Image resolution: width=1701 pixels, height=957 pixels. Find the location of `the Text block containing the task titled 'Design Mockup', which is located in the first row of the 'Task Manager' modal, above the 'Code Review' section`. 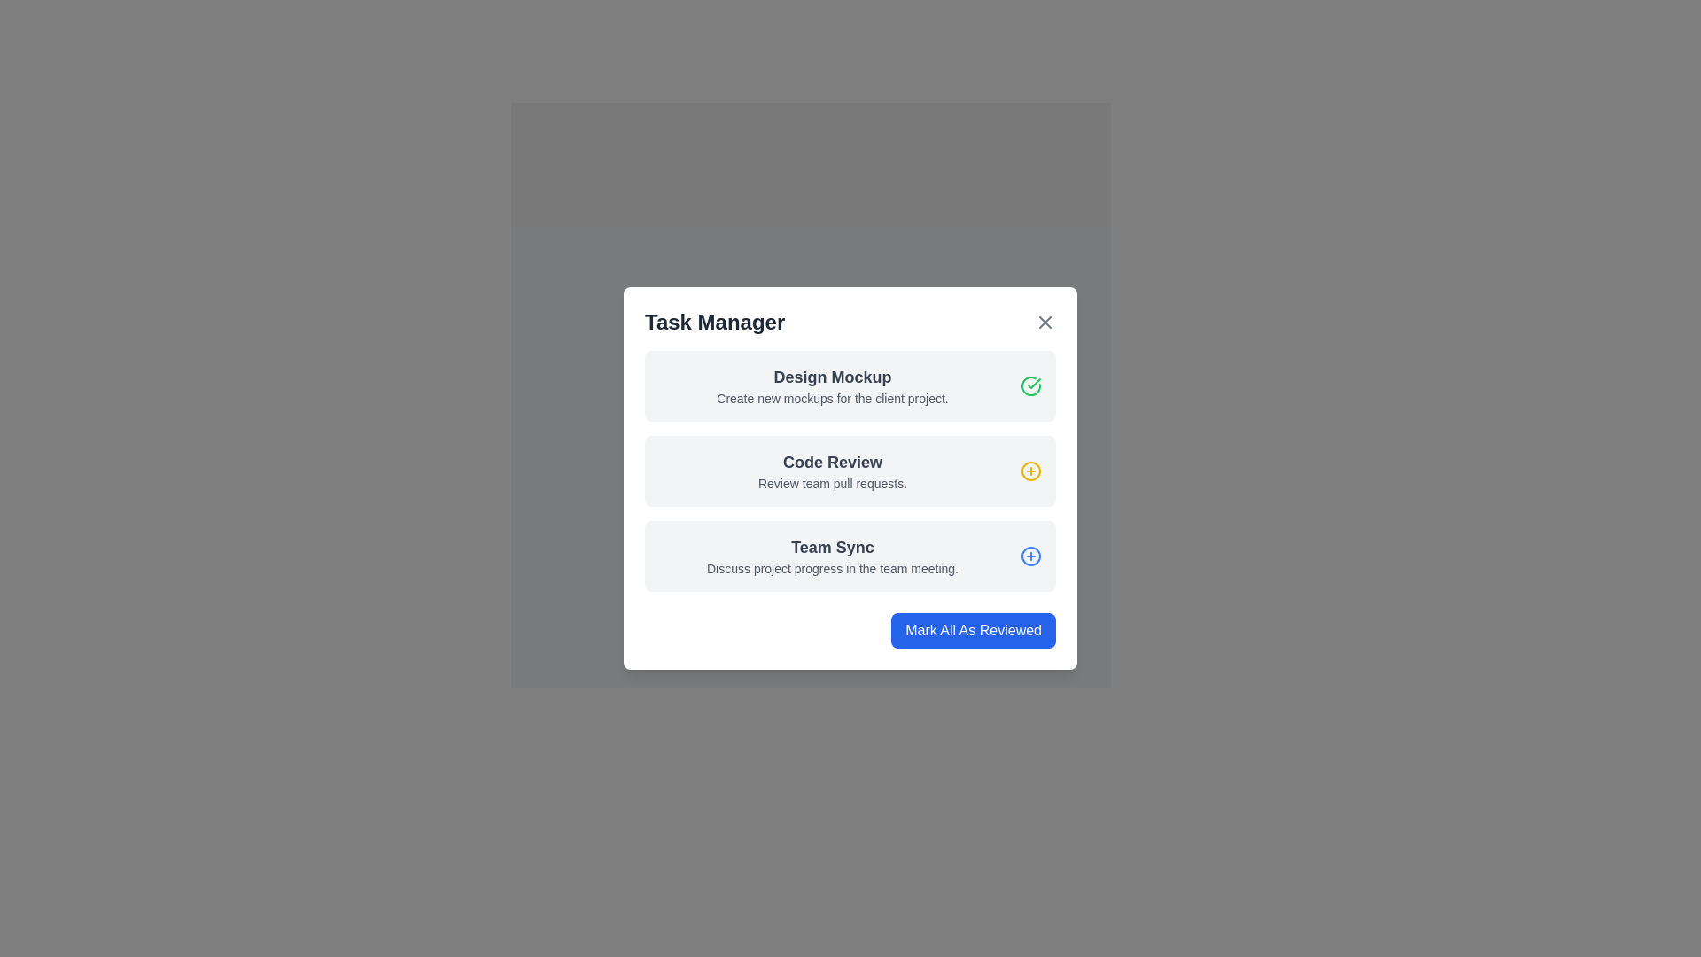

the Text block containing the task titled 'Design Mockup', which is located in the first row of the 'Task Manager' modal, above the 'Code Review' section is located at coordinates (832, 385).